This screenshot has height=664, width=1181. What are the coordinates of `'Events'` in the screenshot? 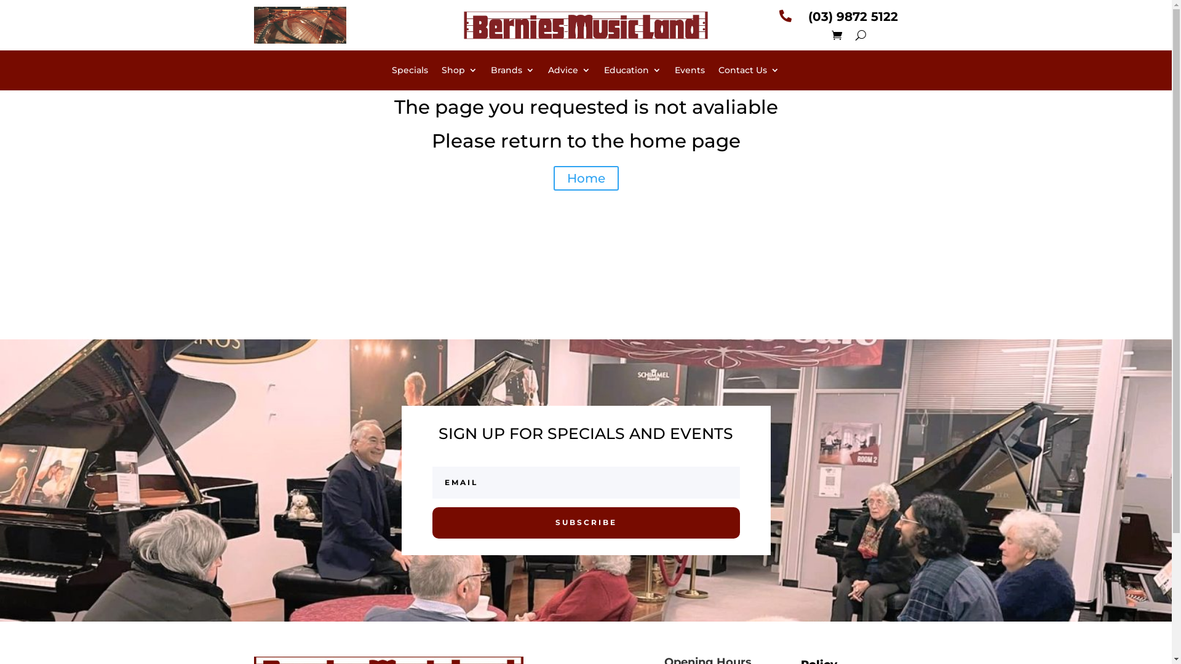 It's located at (690, 73).